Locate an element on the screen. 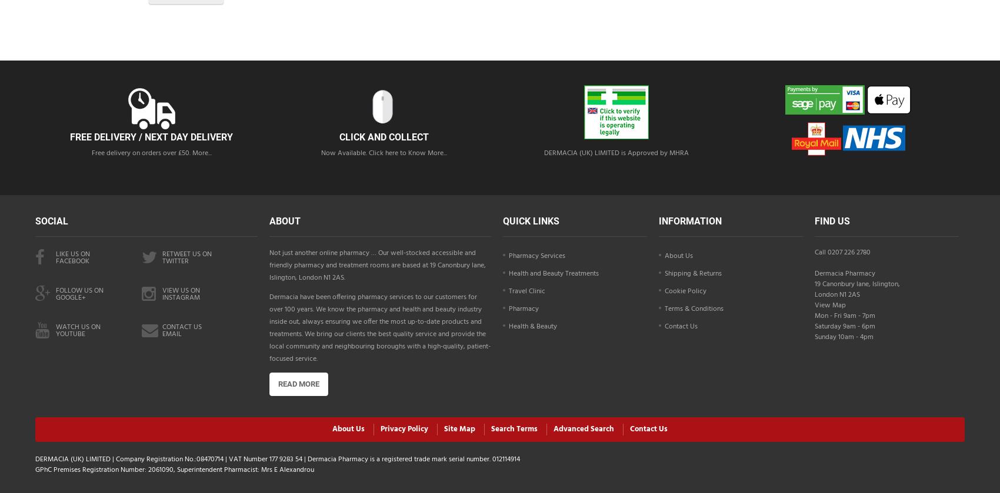 The height and width of the screenshot is (493, 1000). 'Saturday 9am - 6pm' is located at coordinates (844, 326).